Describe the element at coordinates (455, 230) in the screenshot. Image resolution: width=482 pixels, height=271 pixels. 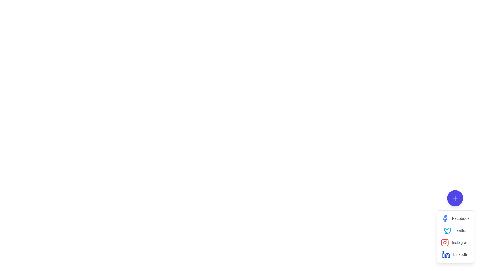
I see `the Twitter share option` at that location.